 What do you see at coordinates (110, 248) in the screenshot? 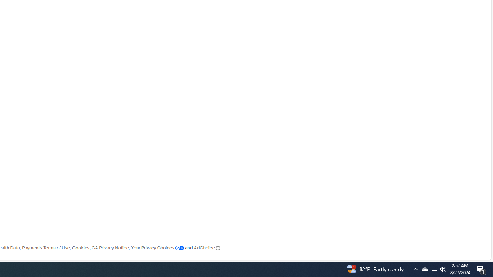
I see `'CA Privacy Notice'` at bounding box center [110, 248].